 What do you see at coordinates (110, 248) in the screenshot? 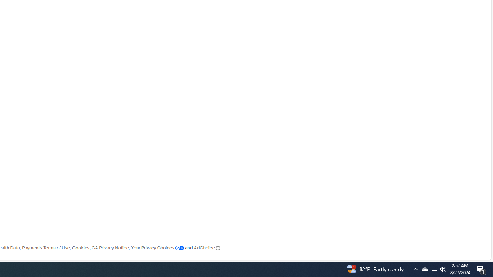
I see `'CA Privacy Notice'` at bounding box center [110, 248].